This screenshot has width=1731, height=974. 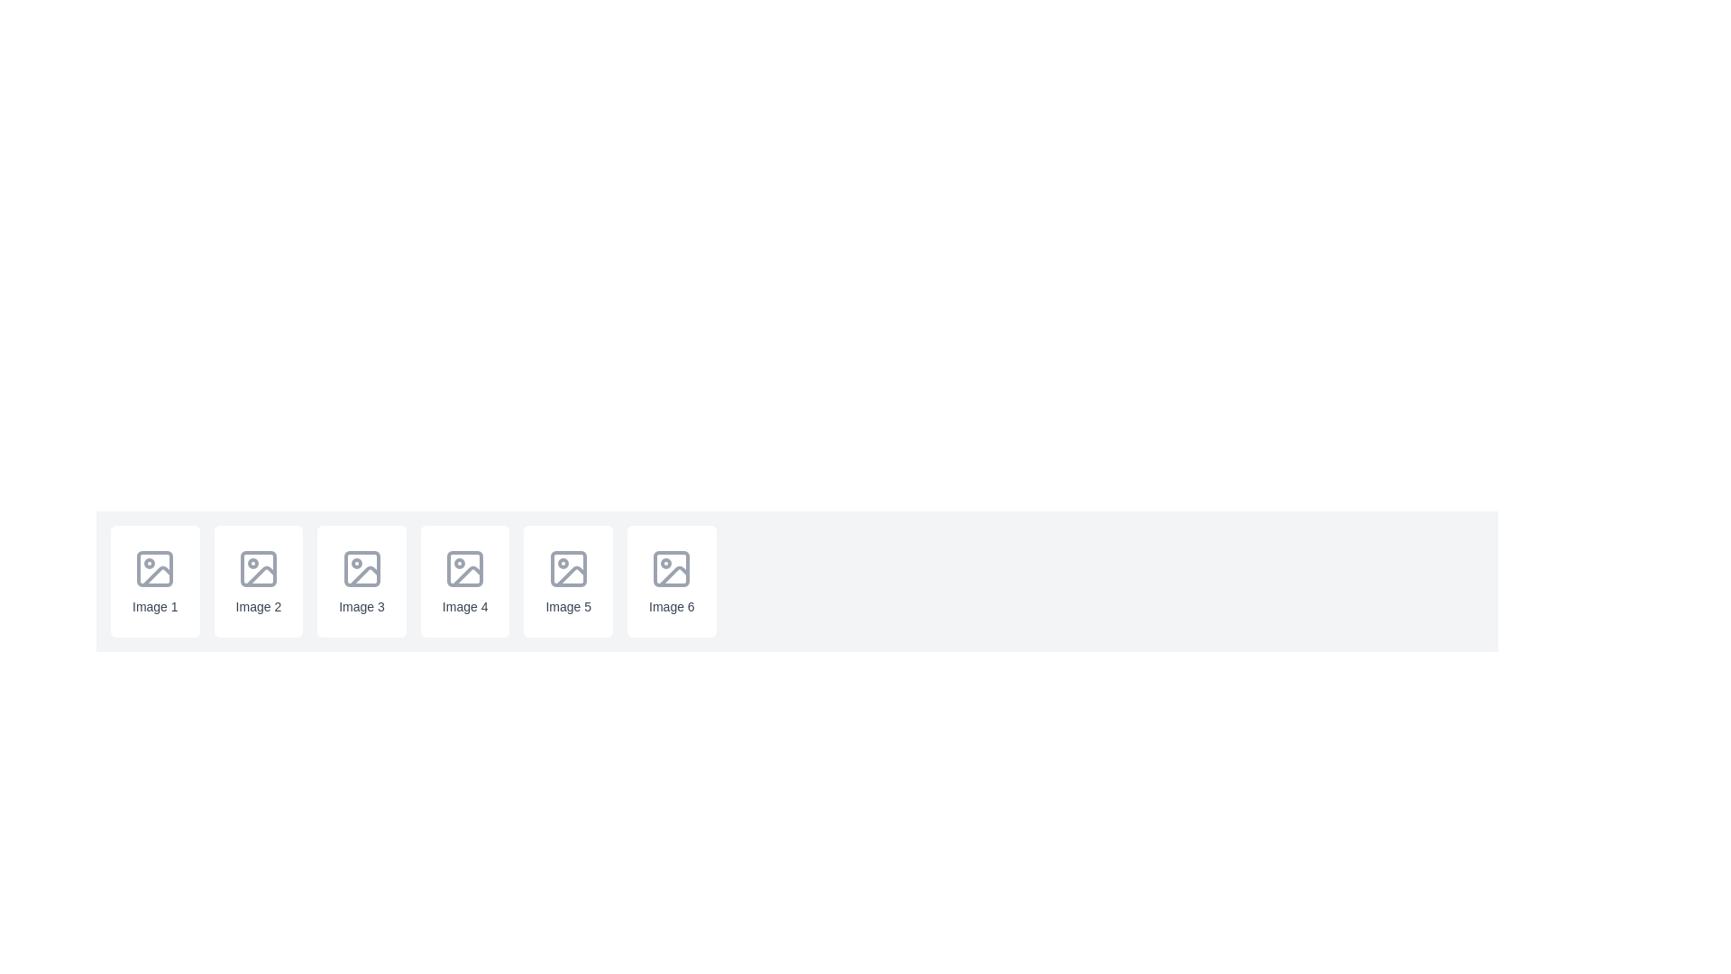 What do you see at coordinates (361, 606) in the screenshot?
I see `the text label 'Image 3' which is the third label below the third image icon in a horizontal series` at bounding box center [361, 606].